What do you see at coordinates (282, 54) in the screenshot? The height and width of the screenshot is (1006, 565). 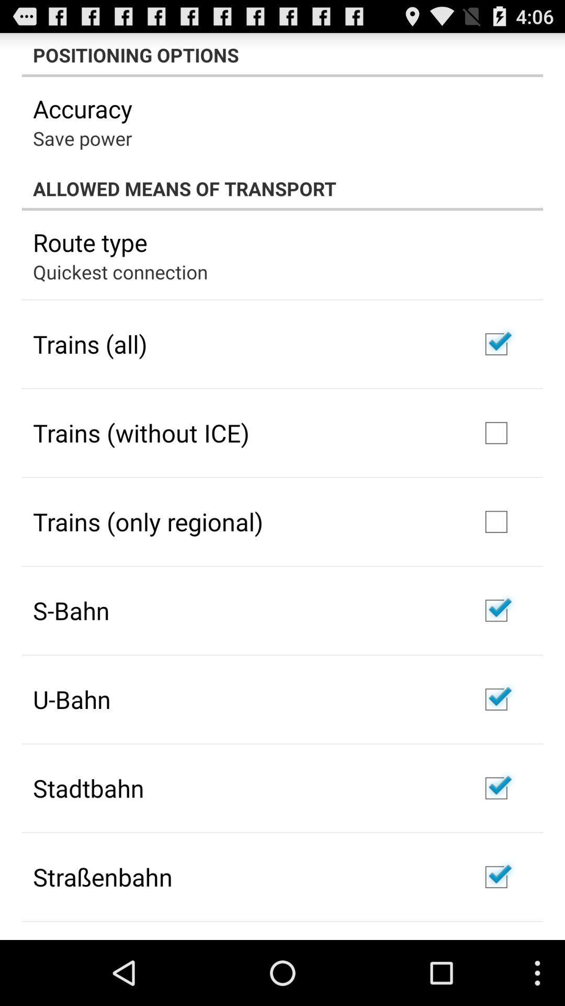 I see `positioning options icon` at bounding box center [282, 54].